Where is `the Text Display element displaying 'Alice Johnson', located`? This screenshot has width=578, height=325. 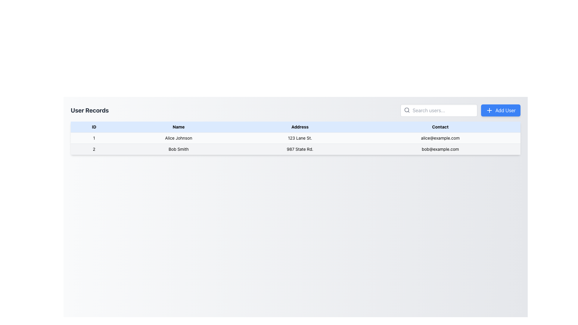 the Text Display element displaying 'Alice Johnson', located is located at coordinates (178, 138).